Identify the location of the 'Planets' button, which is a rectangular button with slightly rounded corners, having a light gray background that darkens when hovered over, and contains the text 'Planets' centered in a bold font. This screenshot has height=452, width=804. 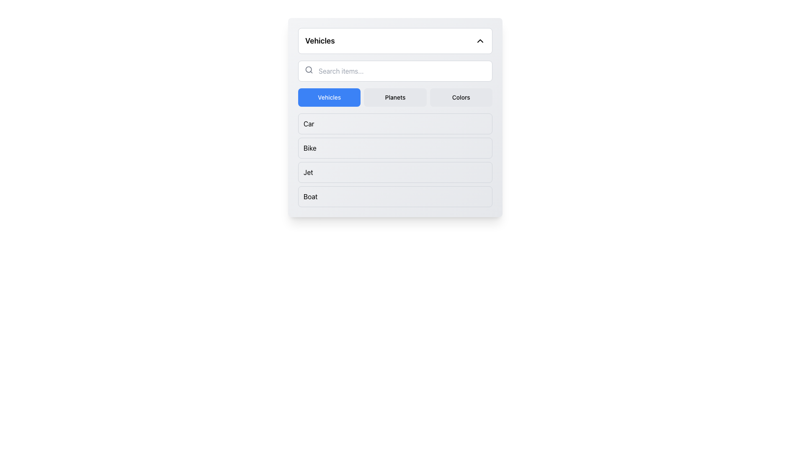
(395, 97).